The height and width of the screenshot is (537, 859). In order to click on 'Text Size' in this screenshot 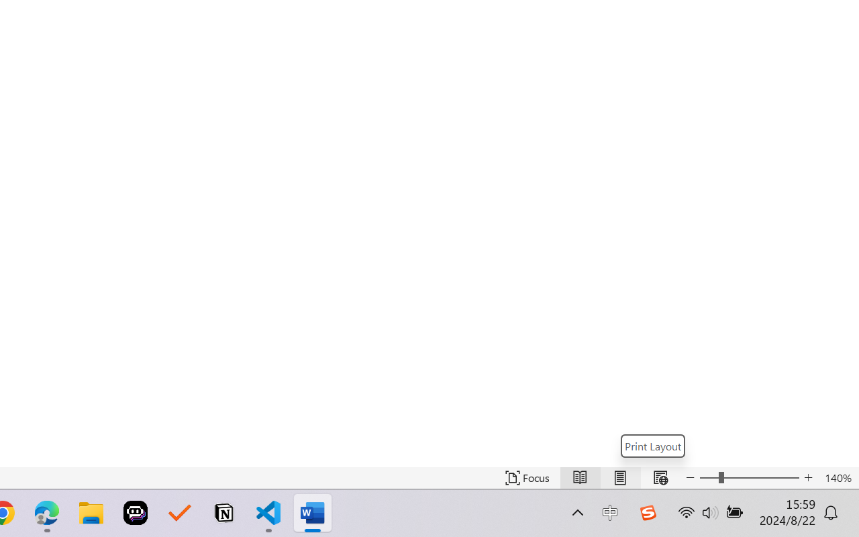, I will do `click(748, 477)`.